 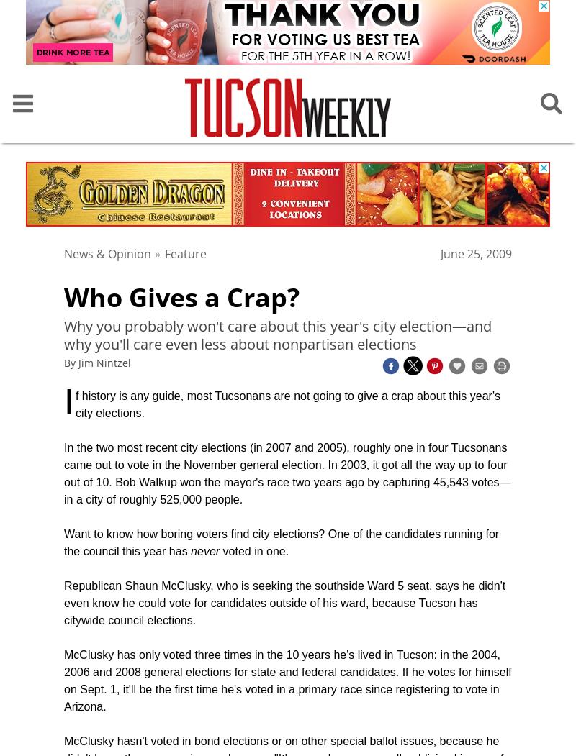 I want to click on 'I', so click(x=64, y=401).